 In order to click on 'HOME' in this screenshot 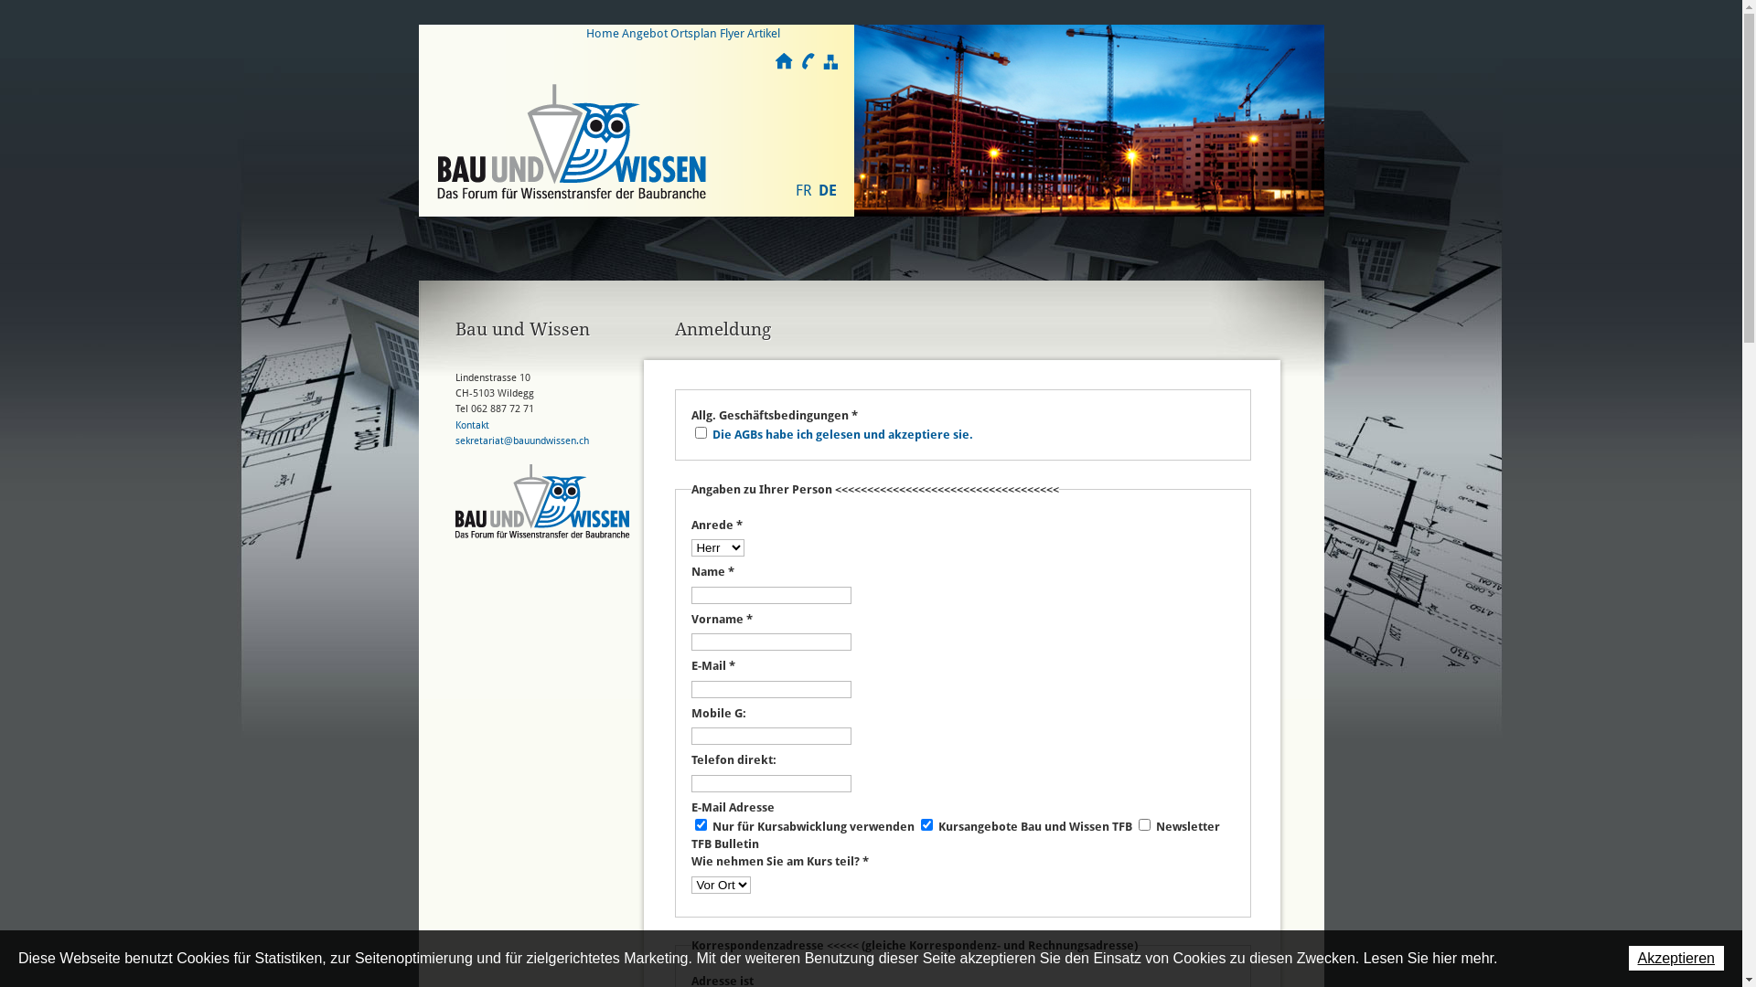, I will do `click(776, 60)`.